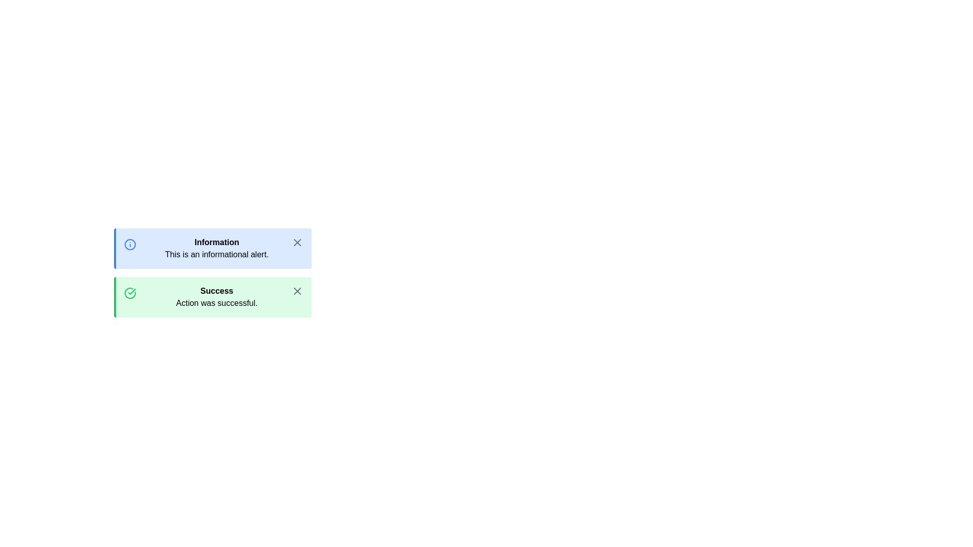 The height and width of the screenshot is (547, 973). Describe the element at coordinates (216, 296) in the screenshot. I see `the notification message element in the green alert box that indicates a successful action, located near the bottom section of the interface` at that location.